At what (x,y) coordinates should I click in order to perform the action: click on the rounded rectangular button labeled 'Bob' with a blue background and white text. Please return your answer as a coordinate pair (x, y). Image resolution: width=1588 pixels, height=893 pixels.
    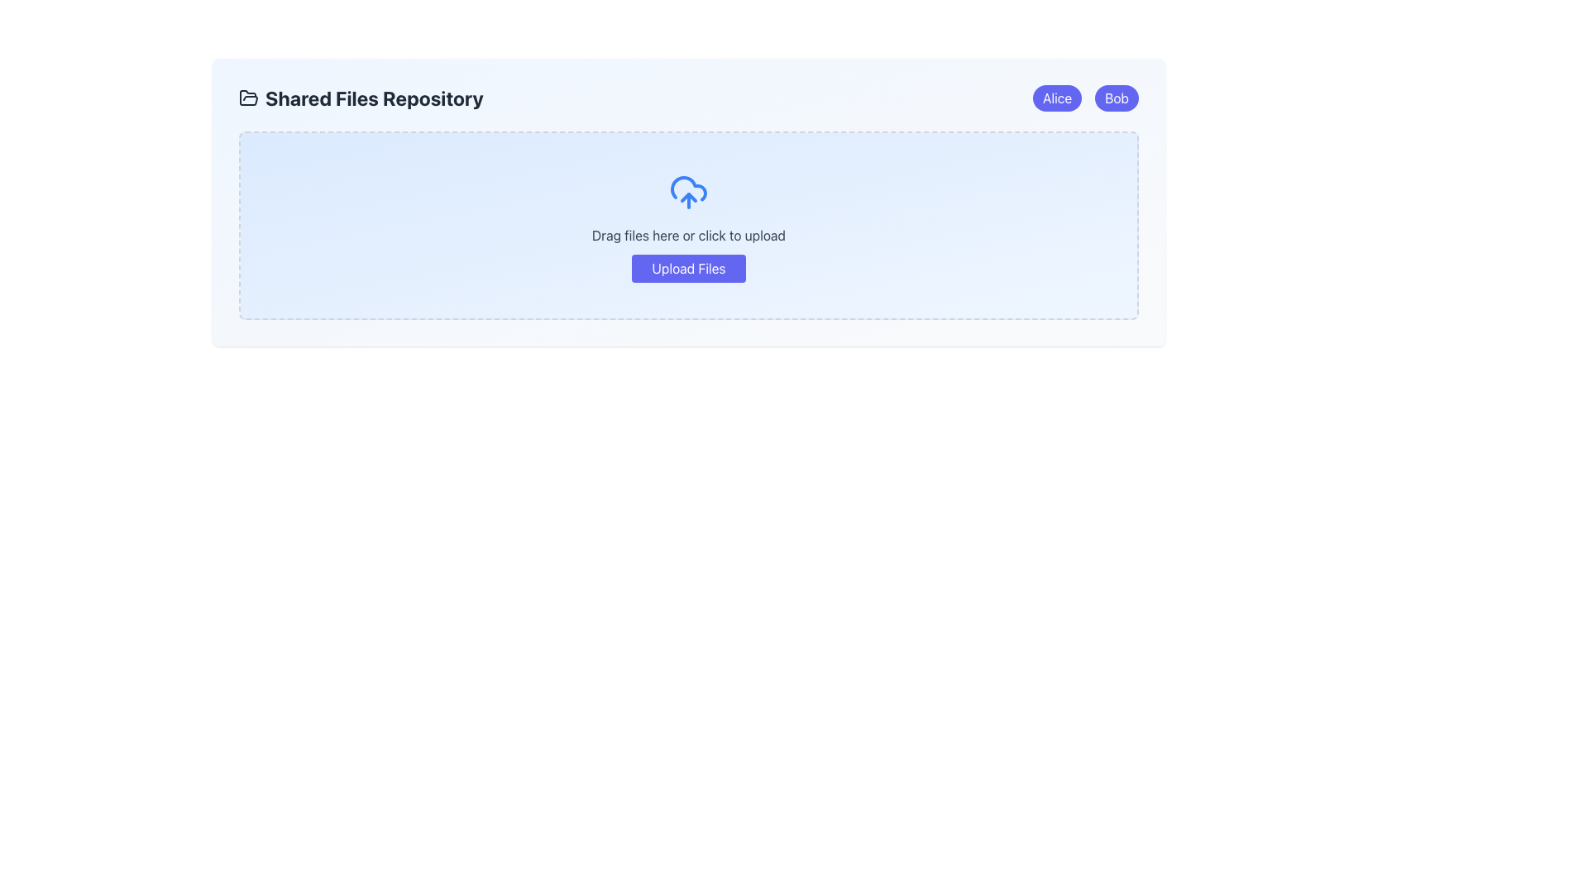
    Looking at the image, I should click on (1117, 98).